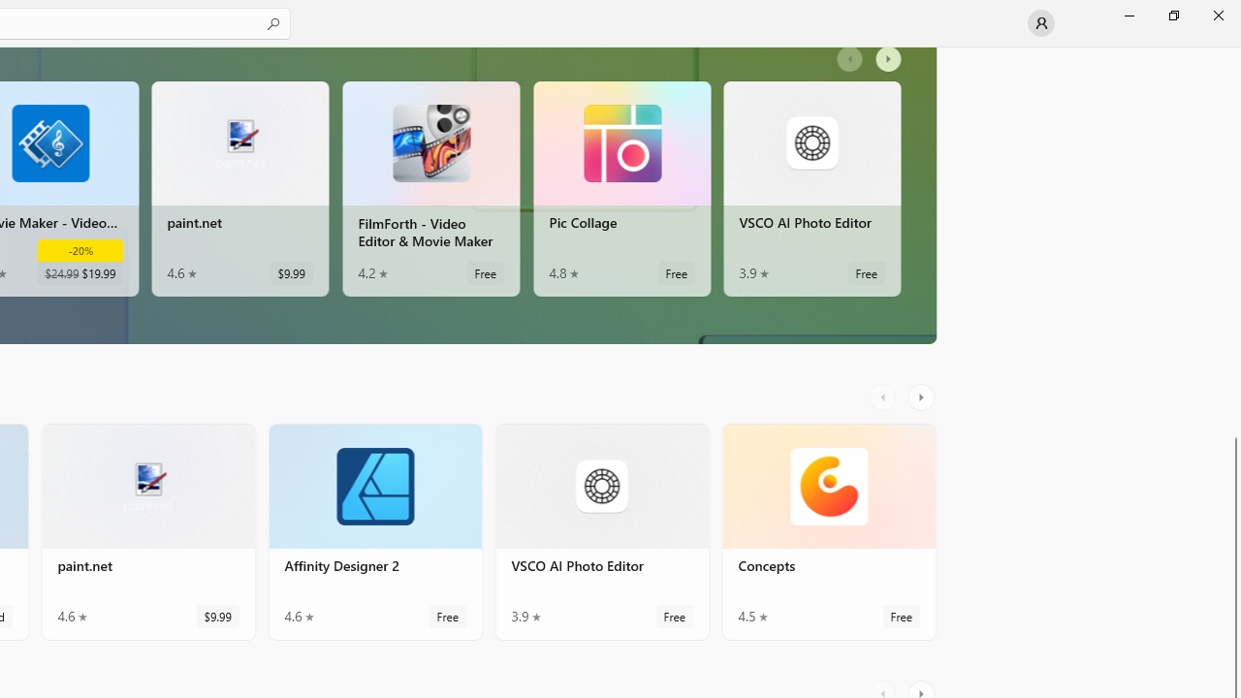 Image resolution: width=1241 pixels, height=698 pixels. I want to click on 'Concepts. Average rating of 4.5 out of five stars. Free  ', so click(829, 532).